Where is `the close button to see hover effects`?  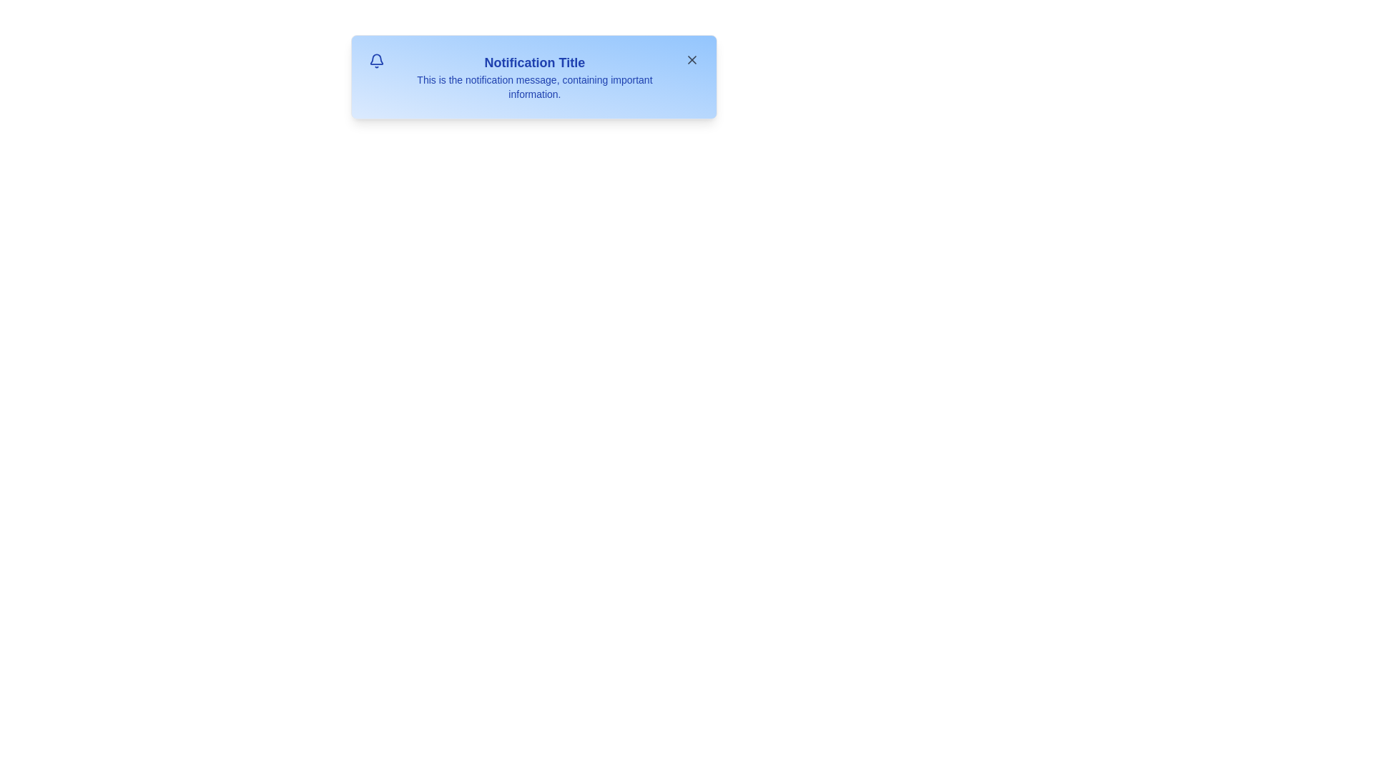 the close button to see hover effects is located at coordinates (692, 59).